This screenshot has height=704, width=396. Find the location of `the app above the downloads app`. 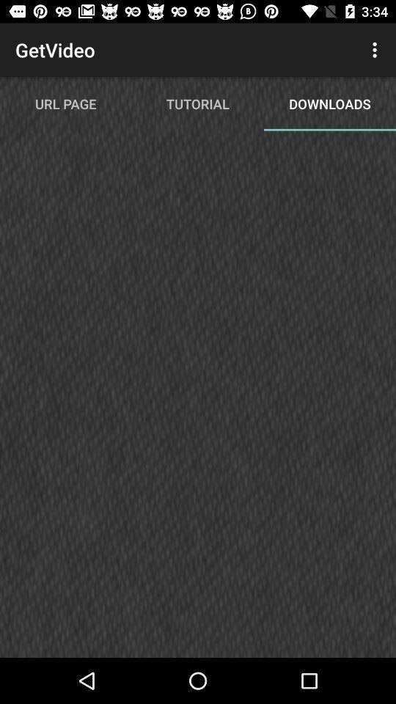

the app above the downloads app is located at coordinates (376, 50).